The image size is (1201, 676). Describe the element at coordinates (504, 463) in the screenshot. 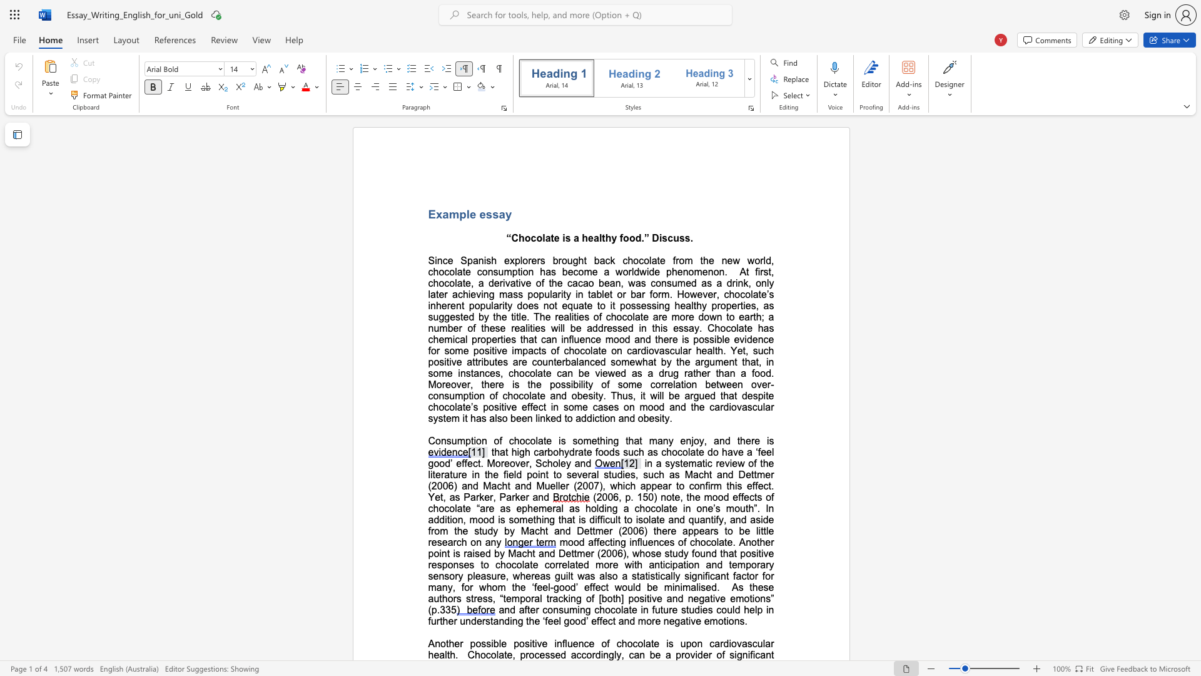

I see `the subset text "eove" within the text "that high carbohydrate foods such as chocolate do have a ‘feel good’ effect. Moreover, Scholey and"` at that location.